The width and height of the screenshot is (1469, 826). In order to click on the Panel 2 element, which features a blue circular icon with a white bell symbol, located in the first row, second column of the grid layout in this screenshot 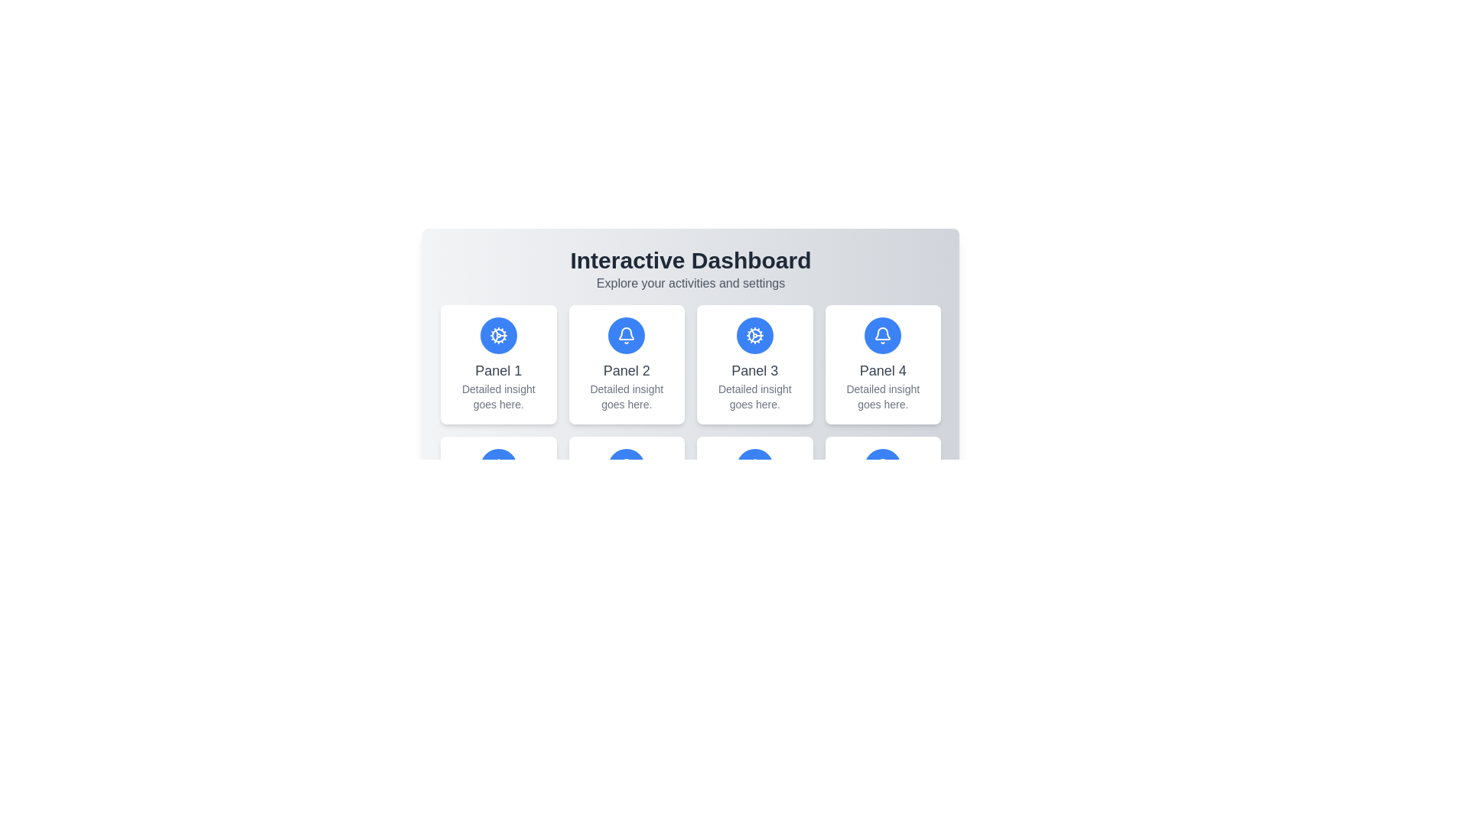, I will do `click(627, 365)`.